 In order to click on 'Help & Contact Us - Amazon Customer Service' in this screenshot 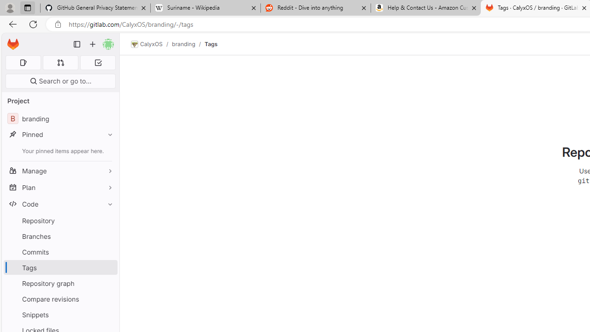, I will do `click(425, 8)`.